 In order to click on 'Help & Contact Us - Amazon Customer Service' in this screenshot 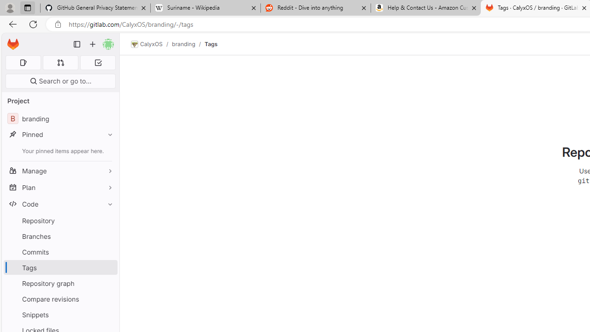, I will do `click(425, 8)`.